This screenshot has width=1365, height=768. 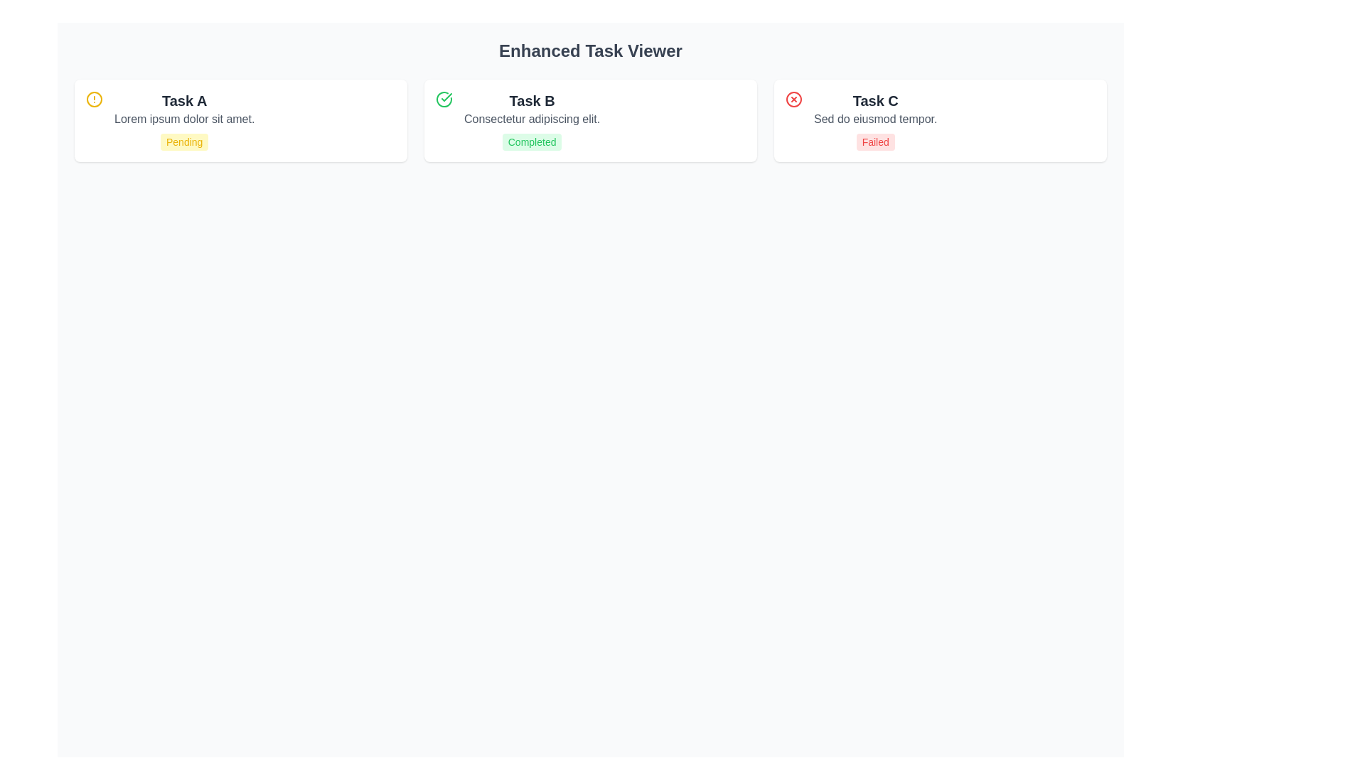 What do you see at coordinates (443, 98) in the screenshot?
I see `the circular green check mark icon indicating completion located in the top-left corner of the card labeled 'Task B'` at bounding box center [443, 98].